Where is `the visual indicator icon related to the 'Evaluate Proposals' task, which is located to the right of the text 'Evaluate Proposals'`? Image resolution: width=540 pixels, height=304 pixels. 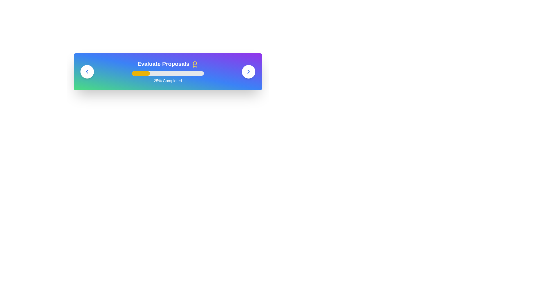 the visual indicator icon related to the 'Evaluate Proposals' task, which is located to the right of the text 'Evaluate Proposals' is located at coordinates (195, 64).